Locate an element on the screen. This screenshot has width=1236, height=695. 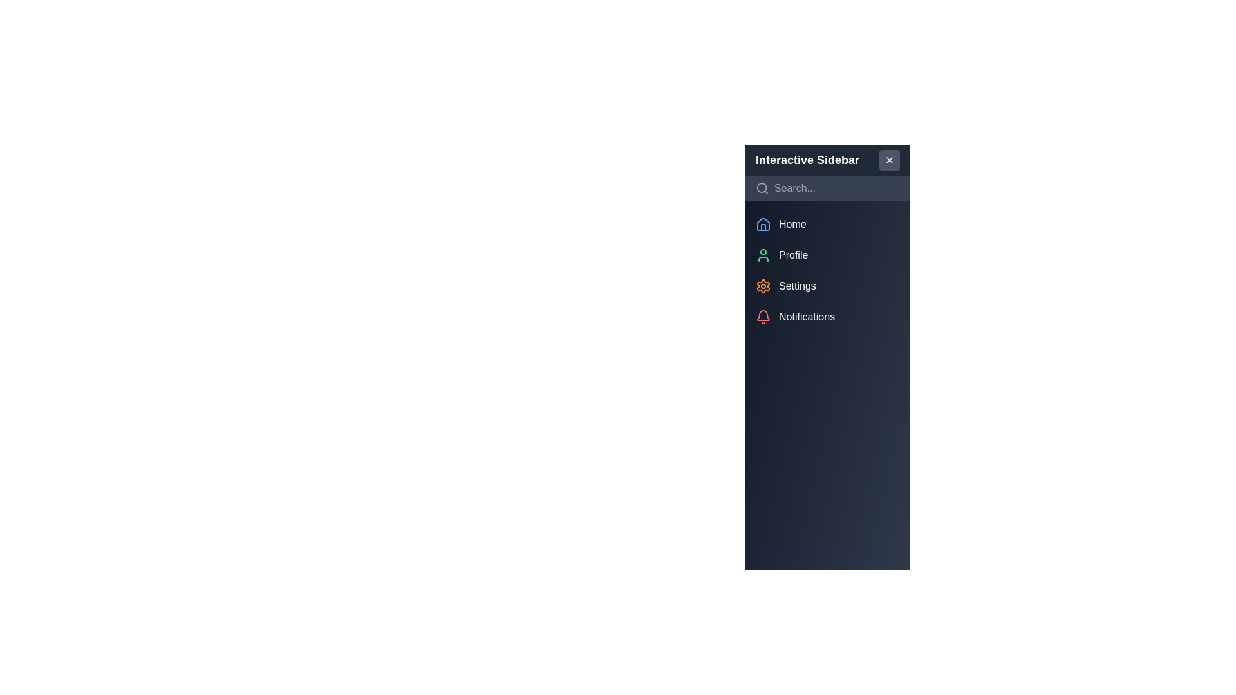
the orange gear icon representing settings in the navigation menu is located at coordinates (763, 285).